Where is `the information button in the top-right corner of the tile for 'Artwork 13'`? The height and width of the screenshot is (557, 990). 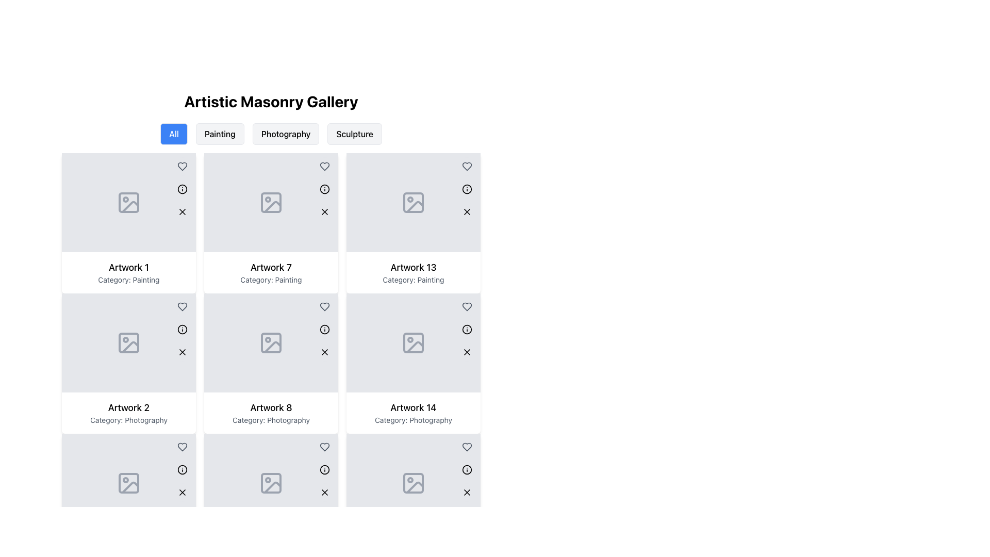 the information button in the top-right corner of the tile for 'Artwork 13' is located at coordinates (467, 189).